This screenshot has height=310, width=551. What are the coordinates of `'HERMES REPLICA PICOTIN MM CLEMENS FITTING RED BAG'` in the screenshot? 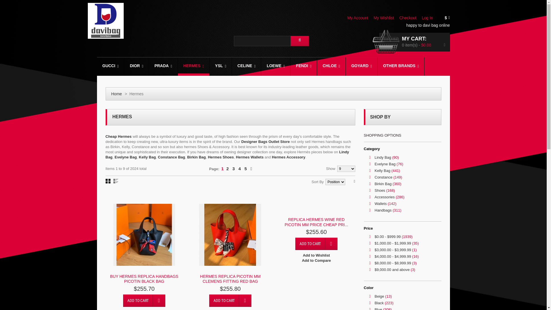 It's located at (230, 279).